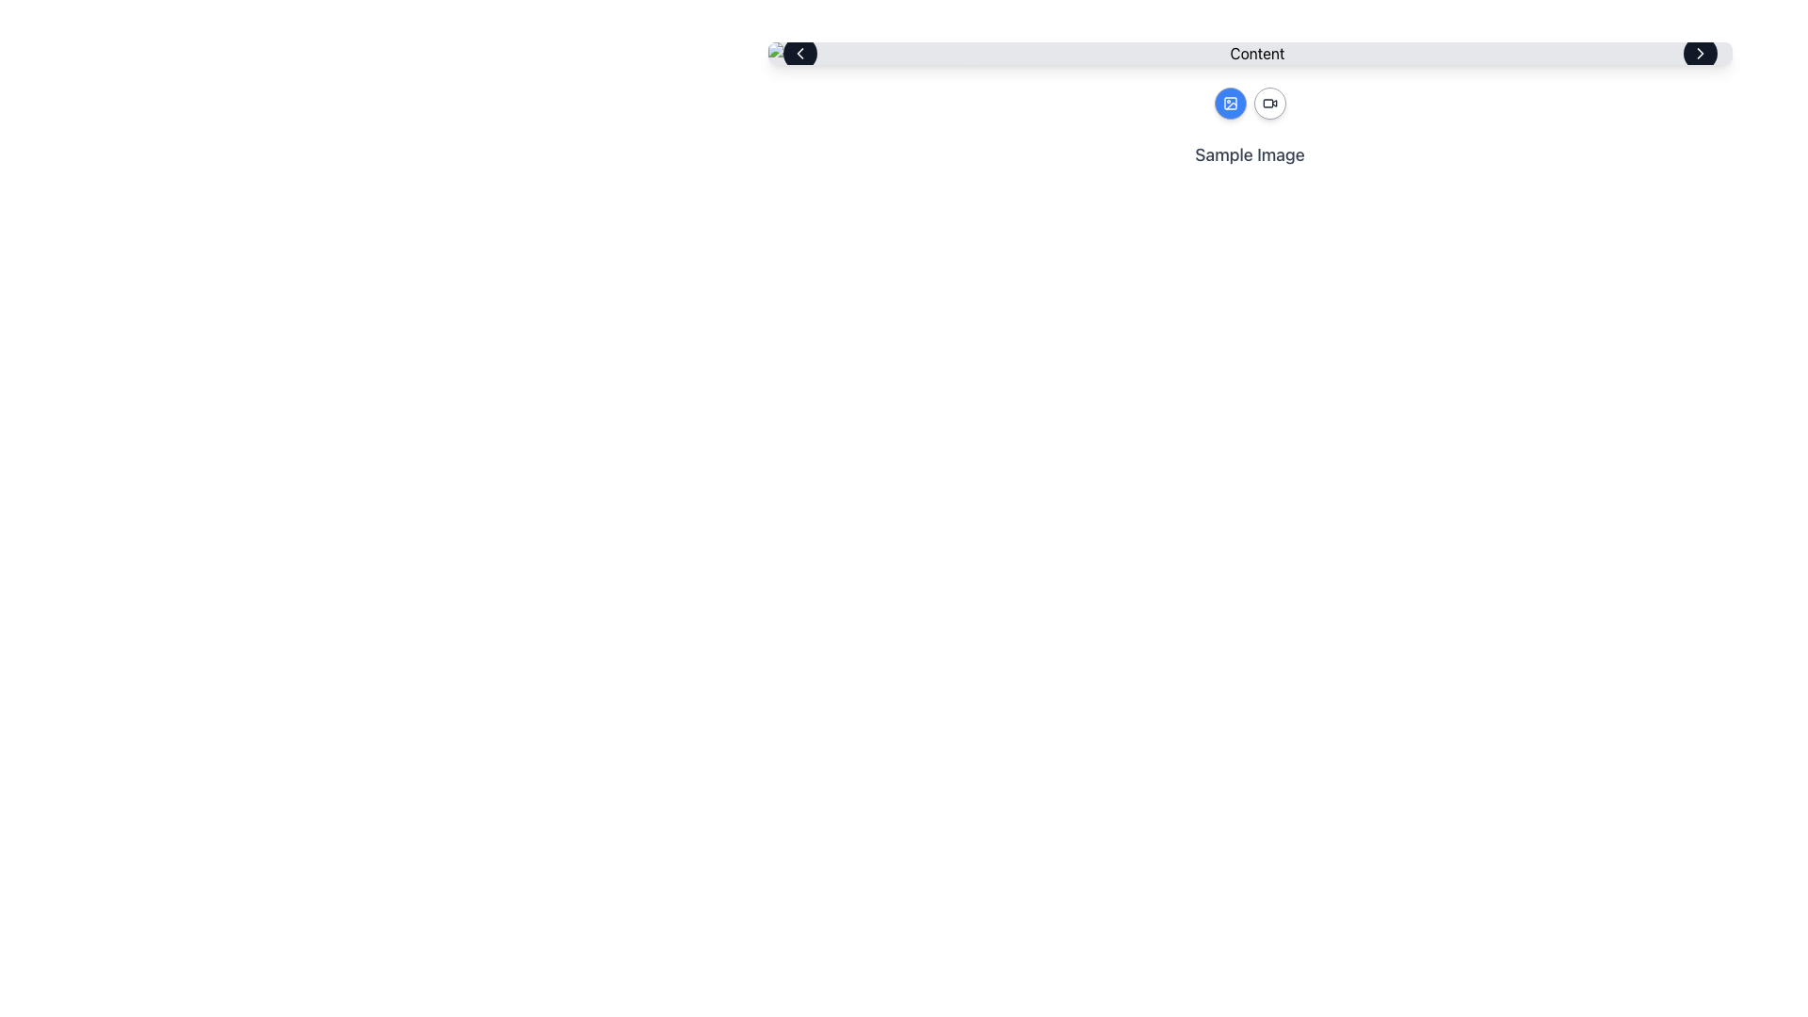 This screenshot has width=1808, height=1017. What do you see at coordinates (799, 53) in the screenshot?
I see `the leftward-pointing chevron icon located at the left end of the top navigation bar` at bounding box center [799, 53].